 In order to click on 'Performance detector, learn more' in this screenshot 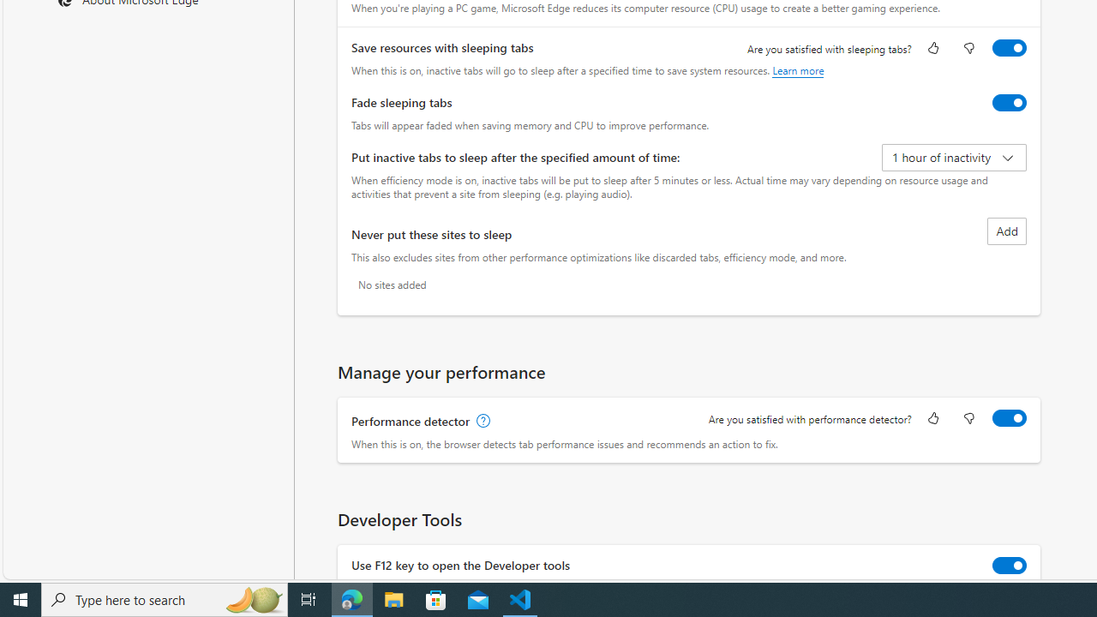, I will do `click(481, 422)`.